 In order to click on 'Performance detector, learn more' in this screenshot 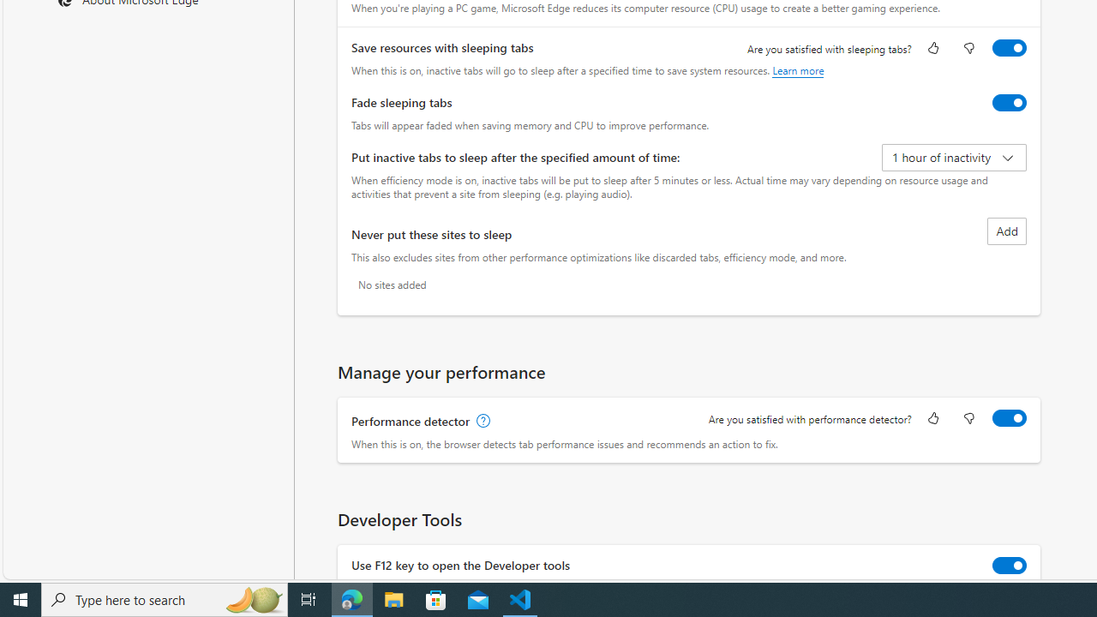, I will do `click(481, 422)`.